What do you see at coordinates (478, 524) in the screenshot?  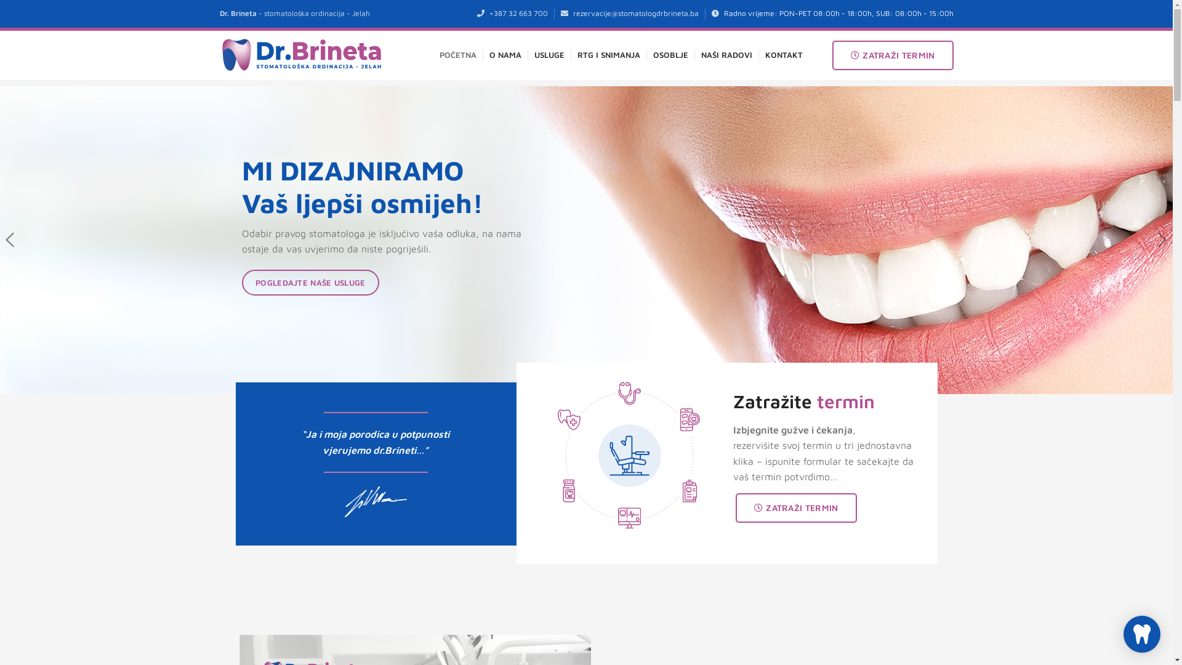 I see `'USLUGE'` at bounding box center [478, 524].